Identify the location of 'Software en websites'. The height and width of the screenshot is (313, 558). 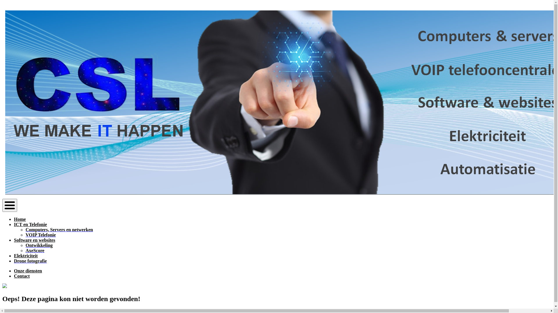
(34, 240).